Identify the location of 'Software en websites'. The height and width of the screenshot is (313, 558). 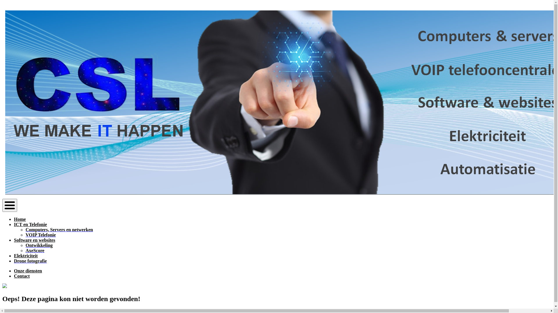
(34, 240).